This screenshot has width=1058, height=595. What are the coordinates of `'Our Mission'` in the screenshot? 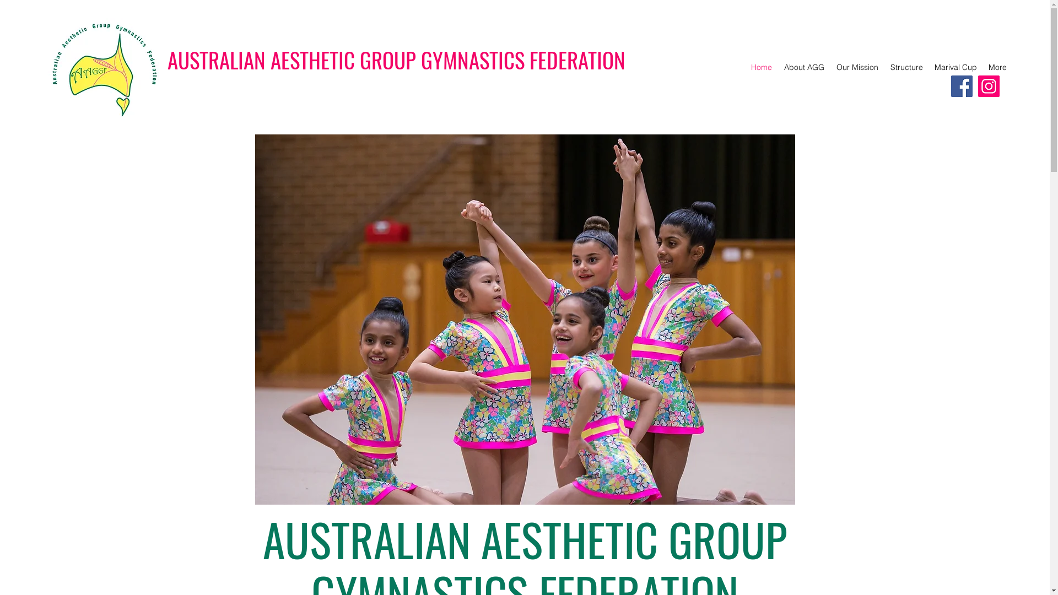 It's located at (856, 67).